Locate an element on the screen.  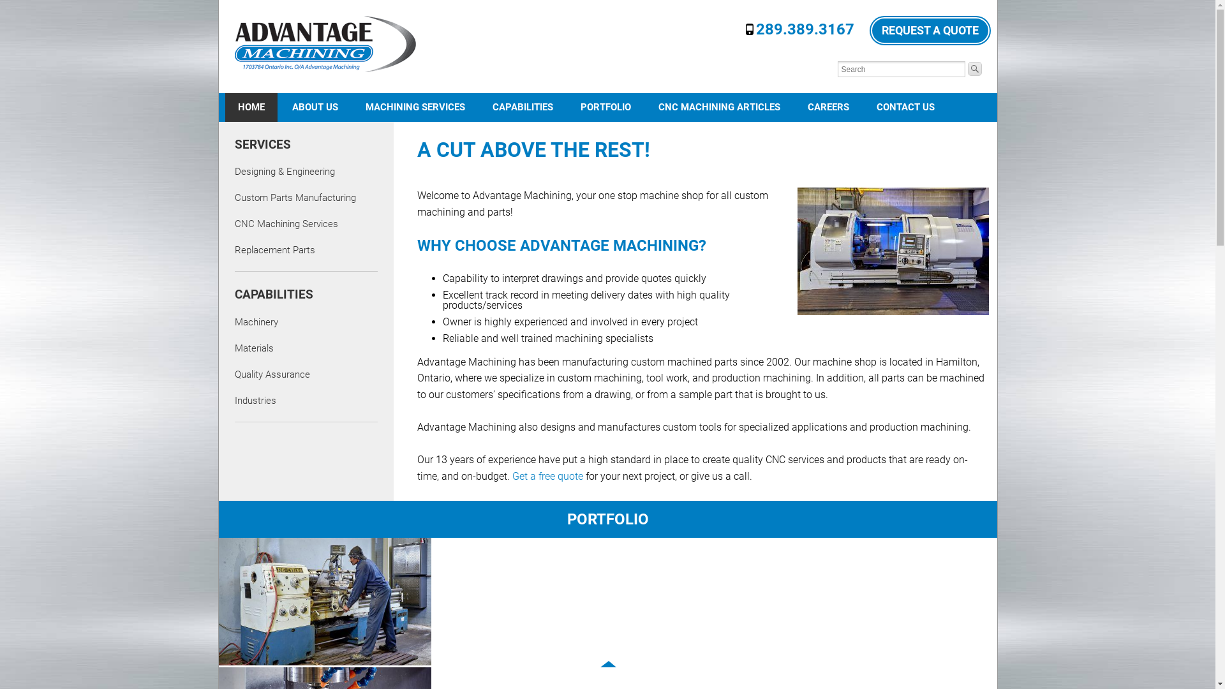
'CONTACT US' is located at coordinates (905, 107).